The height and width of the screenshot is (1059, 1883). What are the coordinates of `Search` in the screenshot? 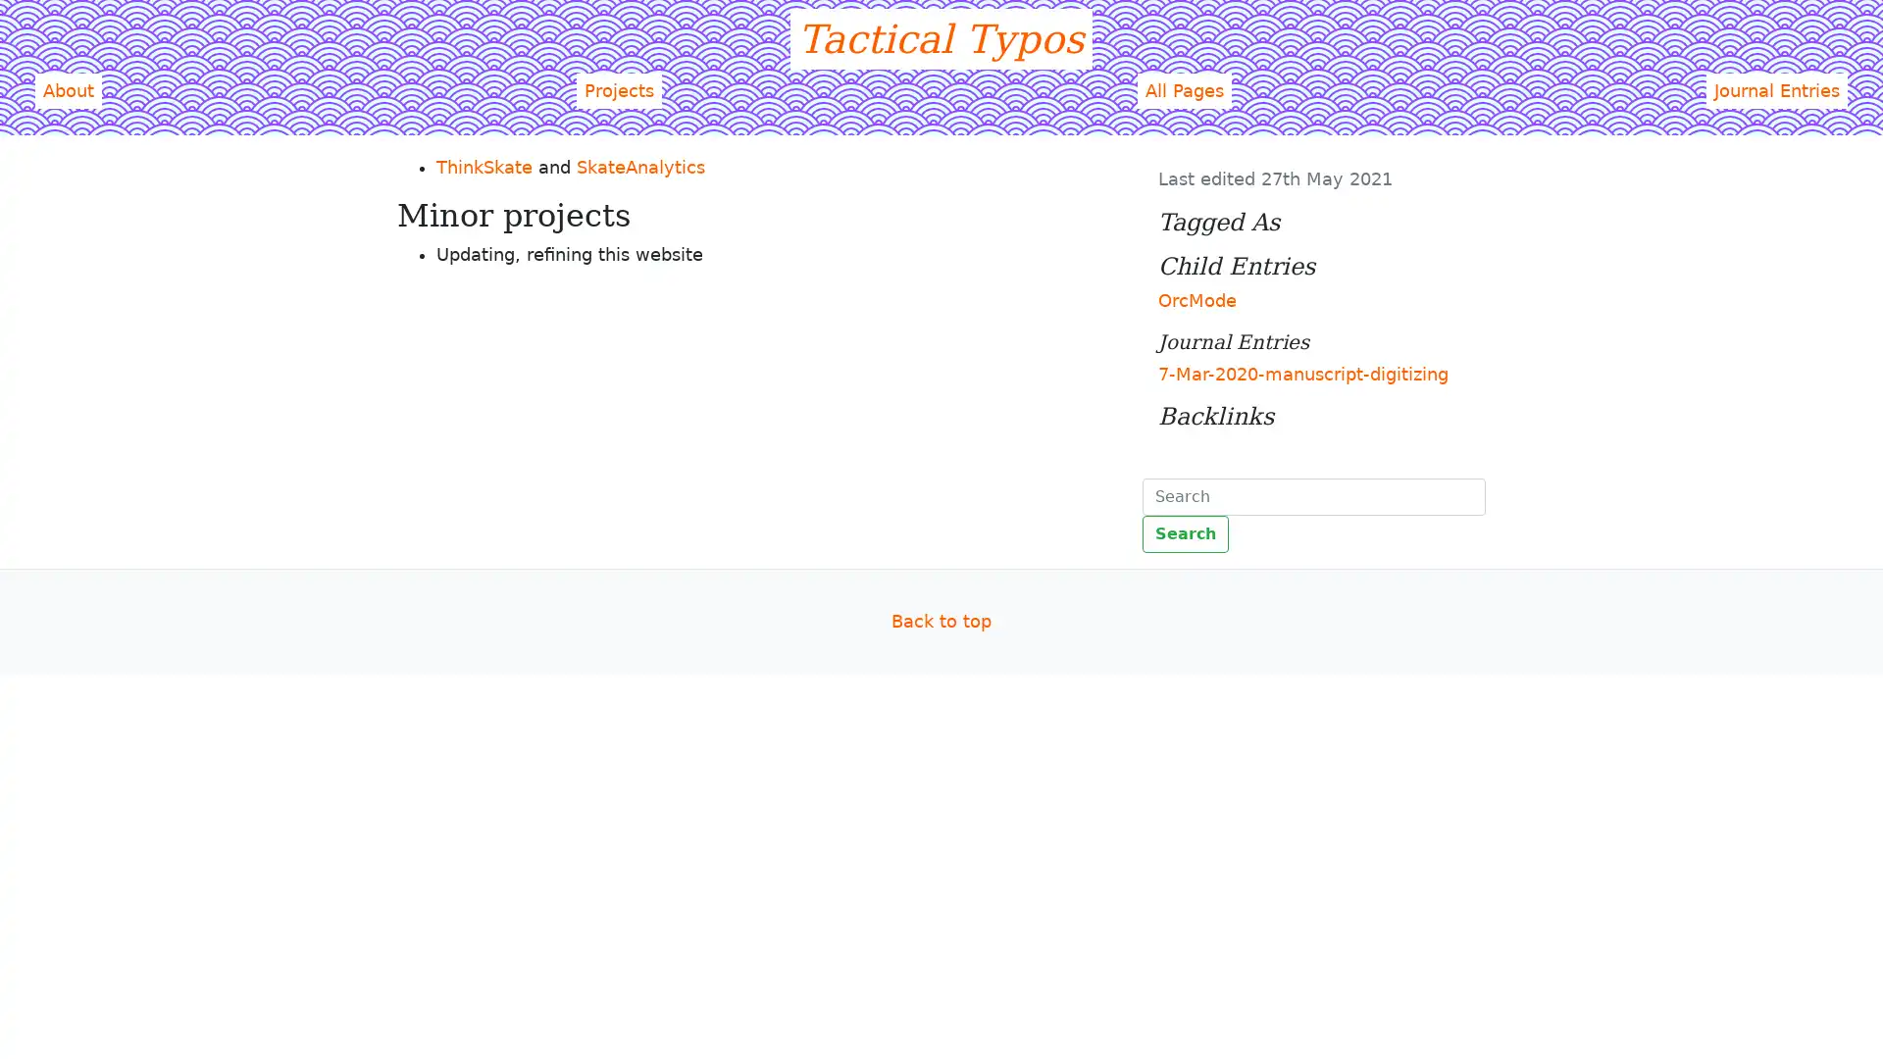 It's located at (1185, 532).